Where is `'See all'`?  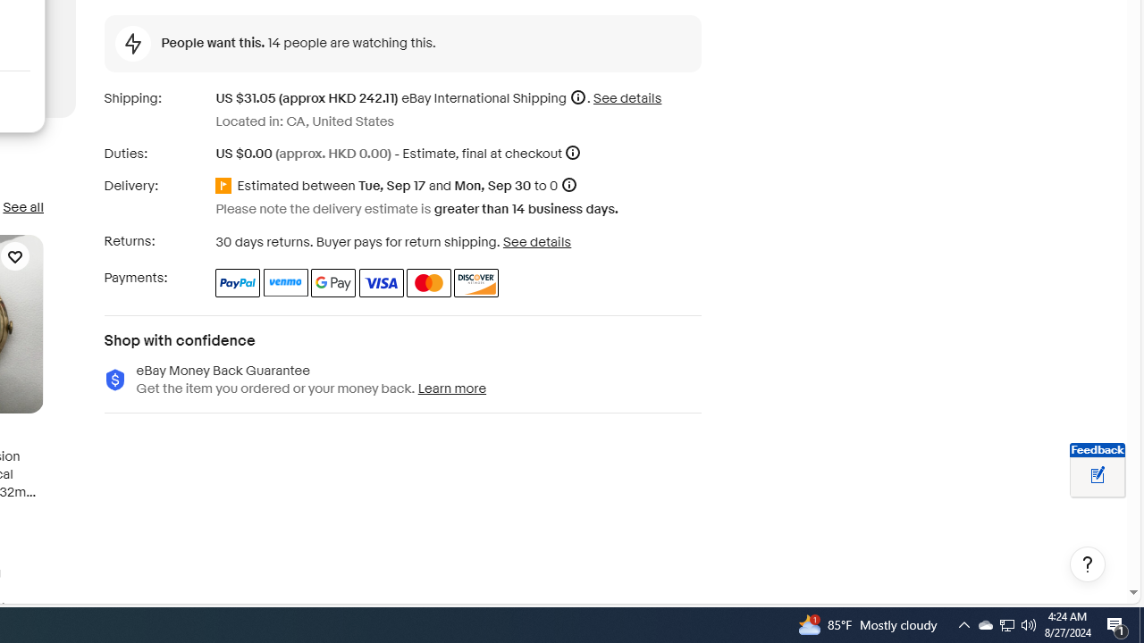
'See all' is located at coordinates (22, 206).